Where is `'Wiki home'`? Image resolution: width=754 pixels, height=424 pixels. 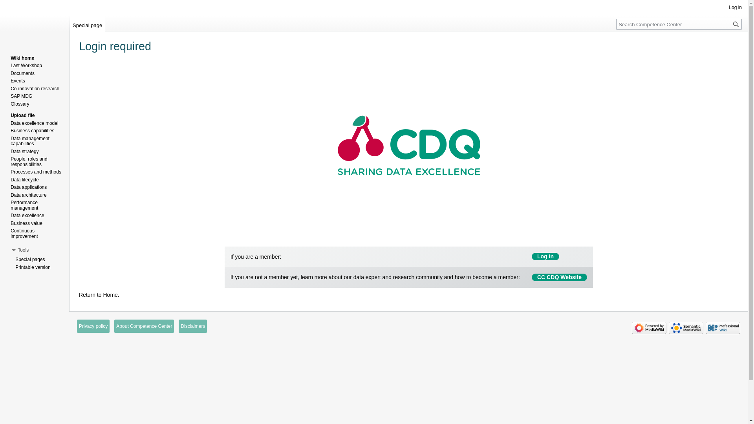
'Wiki home' is located at coordinates (11, 57).